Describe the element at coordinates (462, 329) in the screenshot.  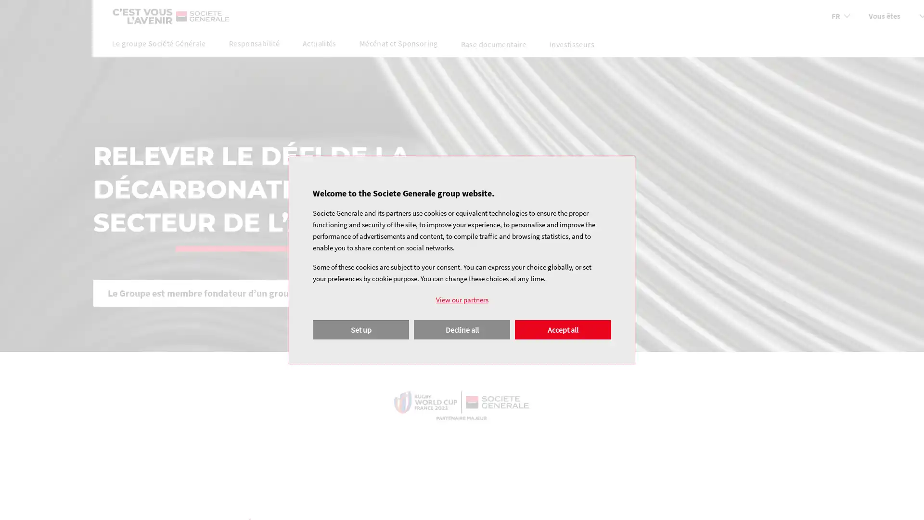
I see `Disagree to our data processing and close` at that location.